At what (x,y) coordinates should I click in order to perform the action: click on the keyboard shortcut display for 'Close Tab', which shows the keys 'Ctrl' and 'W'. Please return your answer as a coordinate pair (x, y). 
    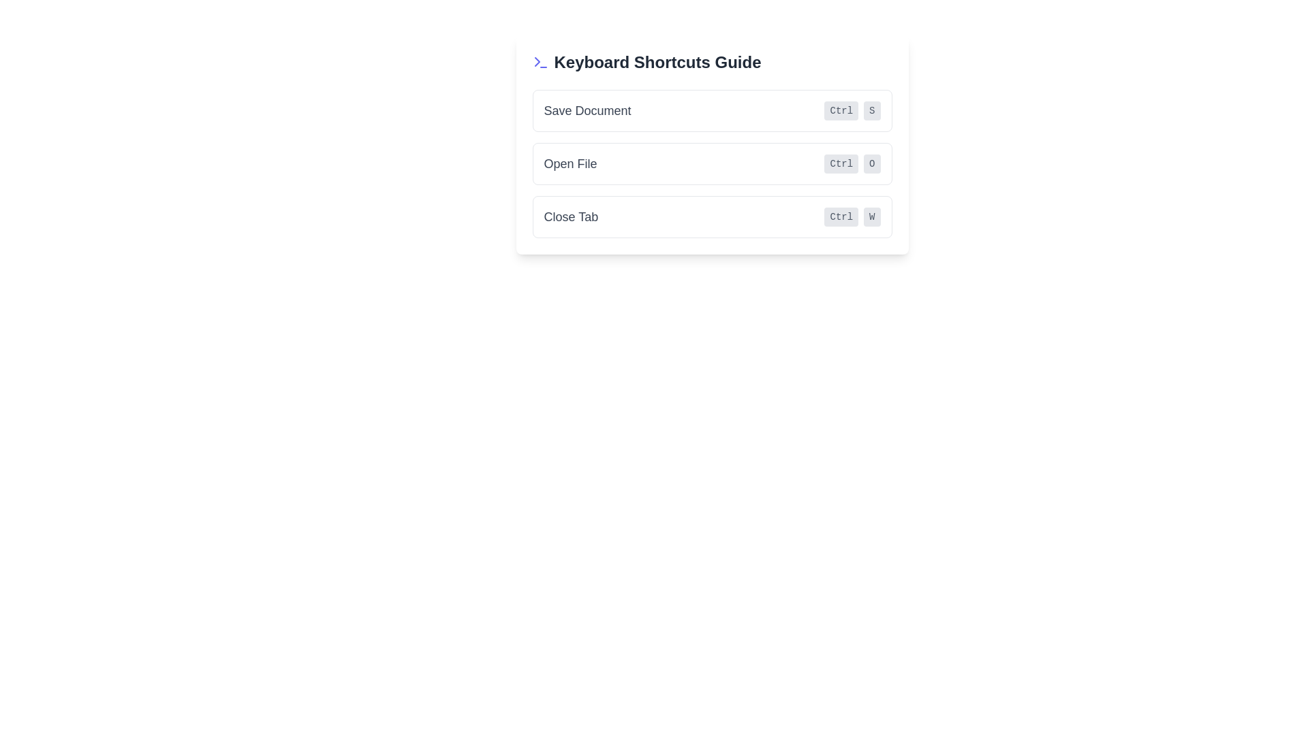
    Looking at the image, I should click on (852, 216).